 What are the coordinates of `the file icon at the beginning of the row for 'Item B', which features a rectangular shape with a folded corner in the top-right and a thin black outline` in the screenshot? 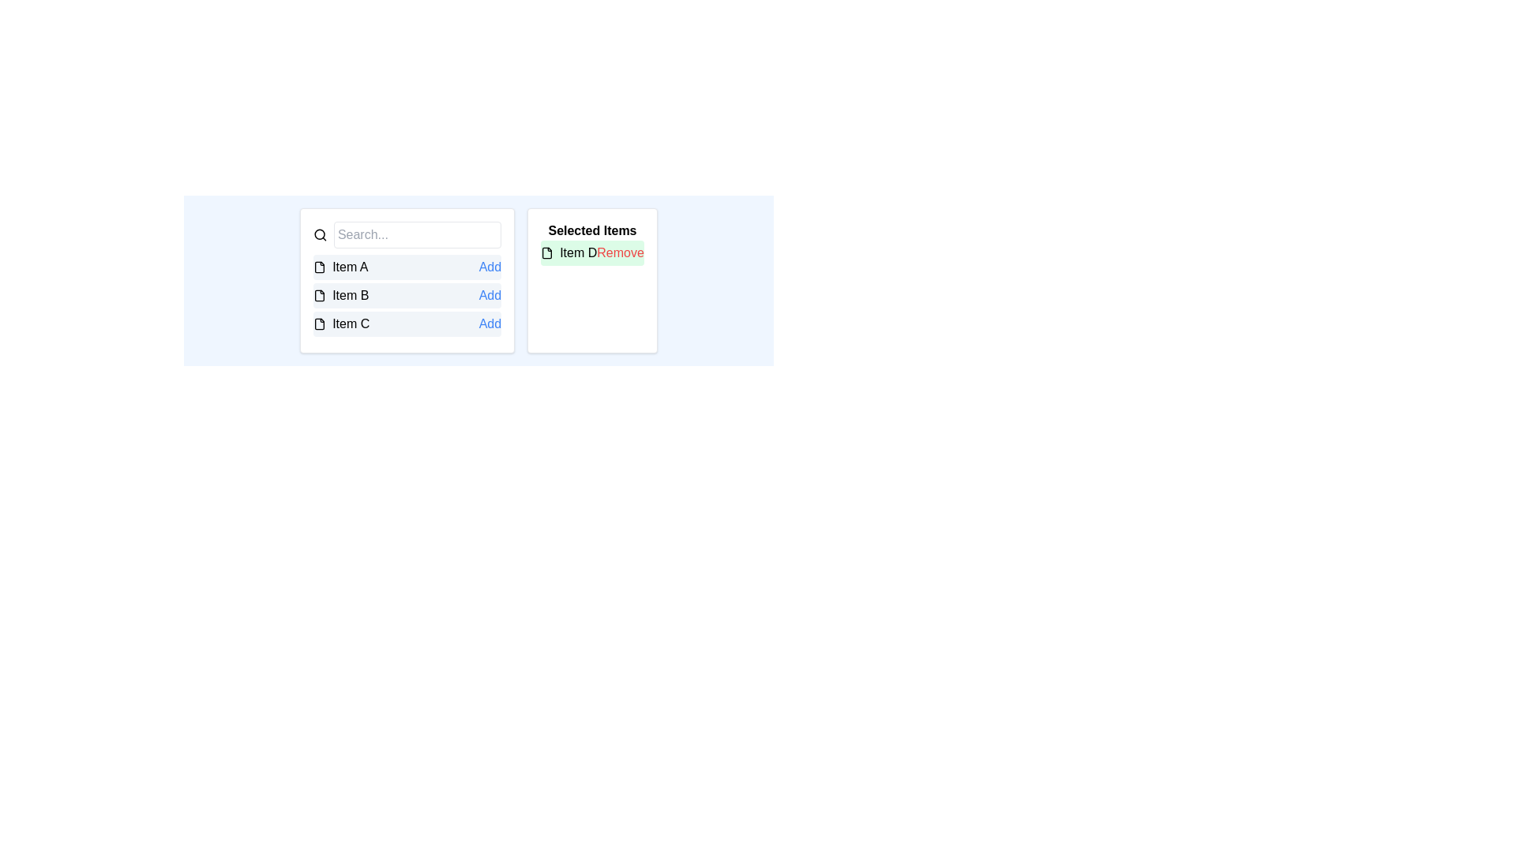 It's located at (319, 295).